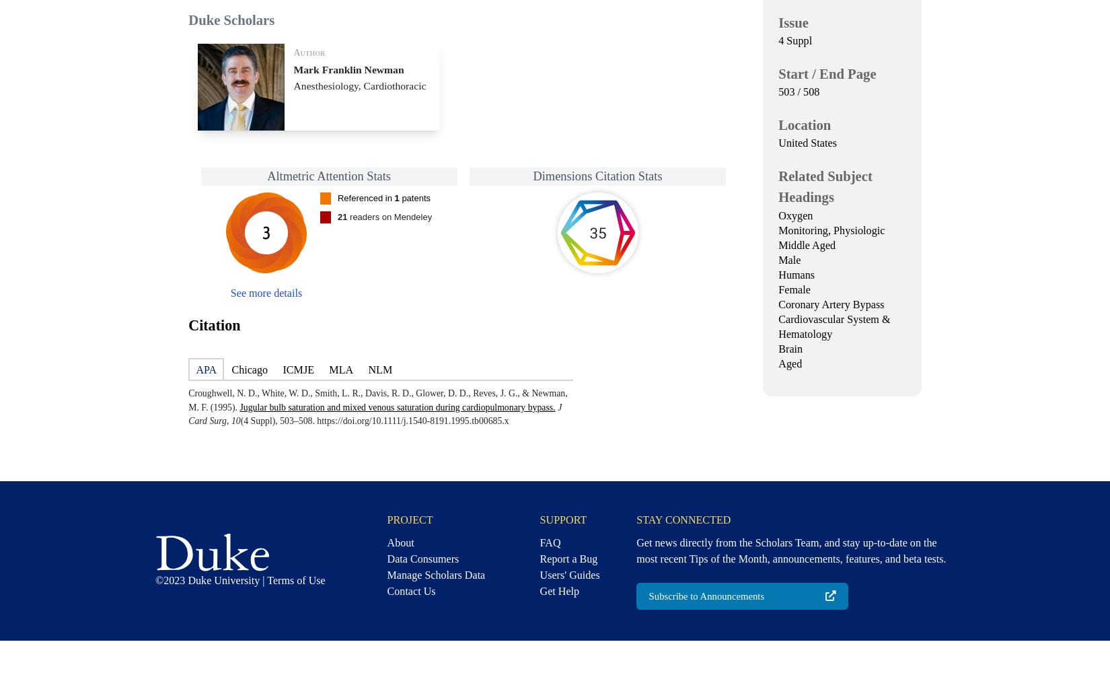  Describe the element at coordinates (196, 369) in the screenshot. I see `'APA'` at that location.